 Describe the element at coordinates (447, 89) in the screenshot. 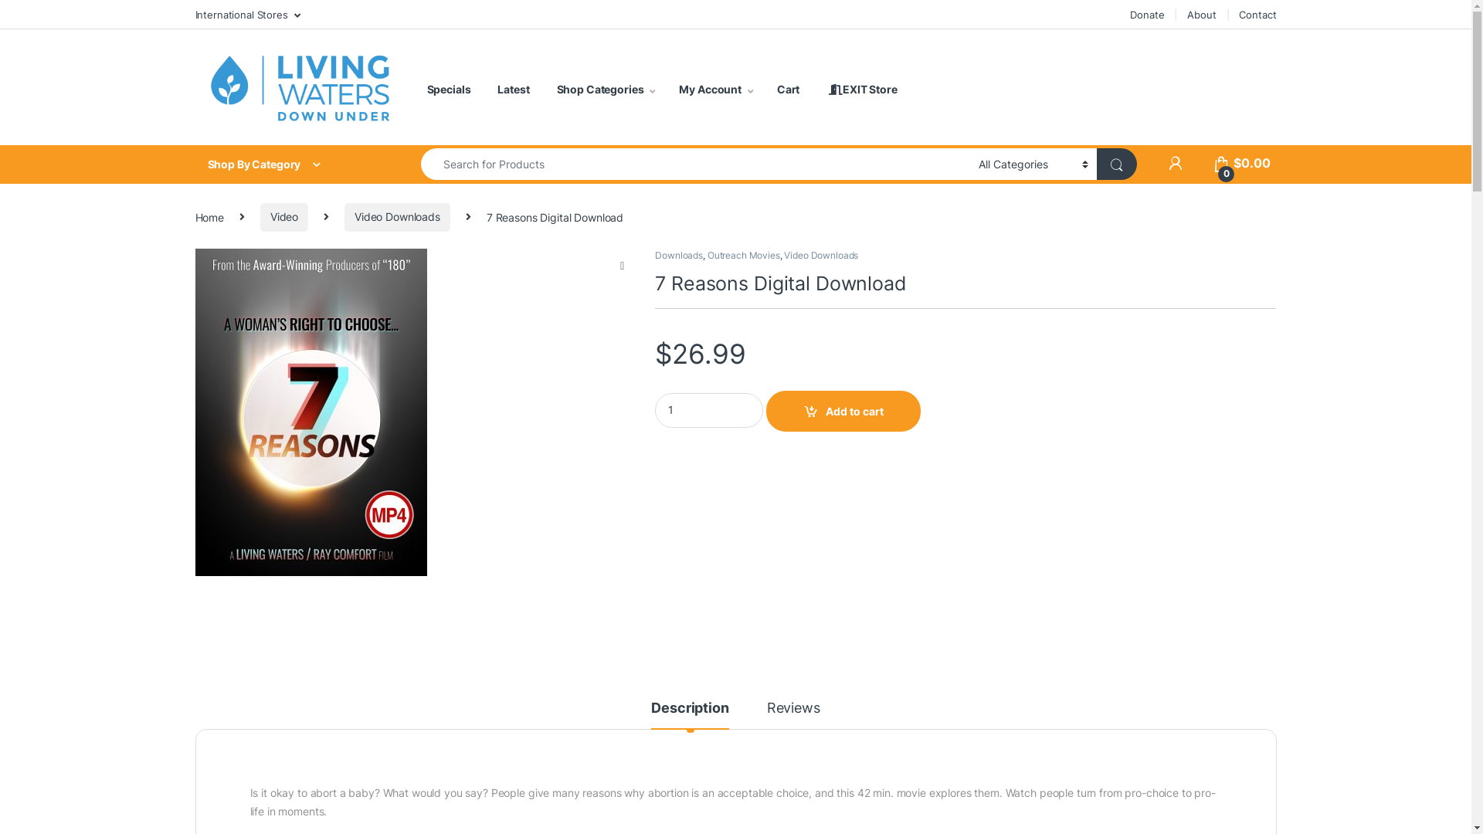

I see `'Specials'` at that location.